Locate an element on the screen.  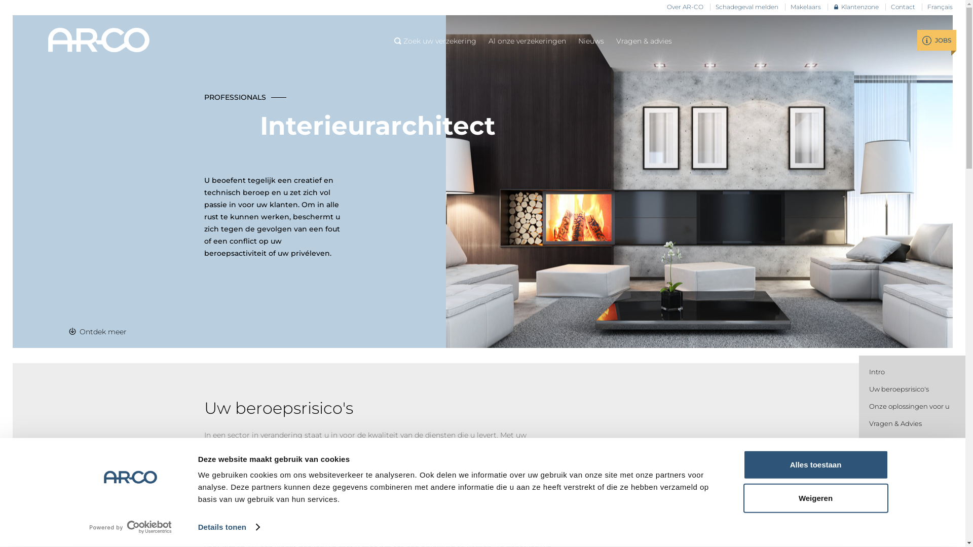
'Over AR-CO' is located at coordinates (685, 7).